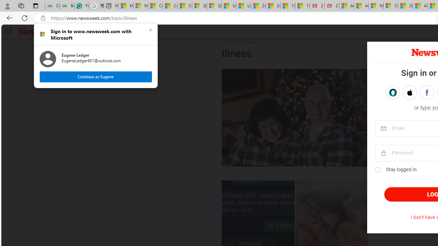  Describe the element at coordinates (392, 93) in the screenshot. I see `'Sign in with OPENPASS'` at that location.